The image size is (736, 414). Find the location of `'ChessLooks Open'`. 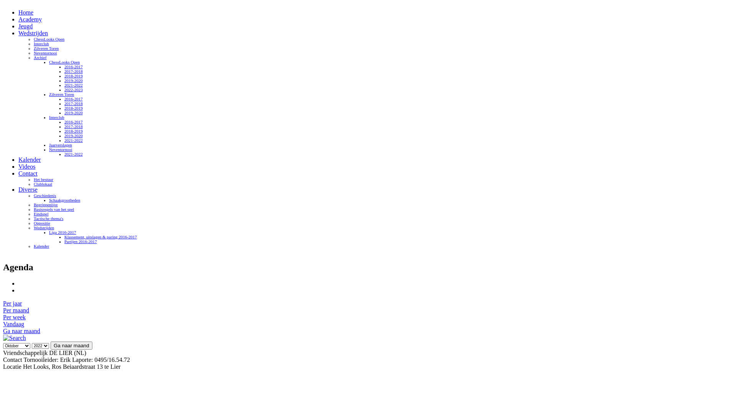

'ChessLooks Open' is located at coordinates (49, 39).